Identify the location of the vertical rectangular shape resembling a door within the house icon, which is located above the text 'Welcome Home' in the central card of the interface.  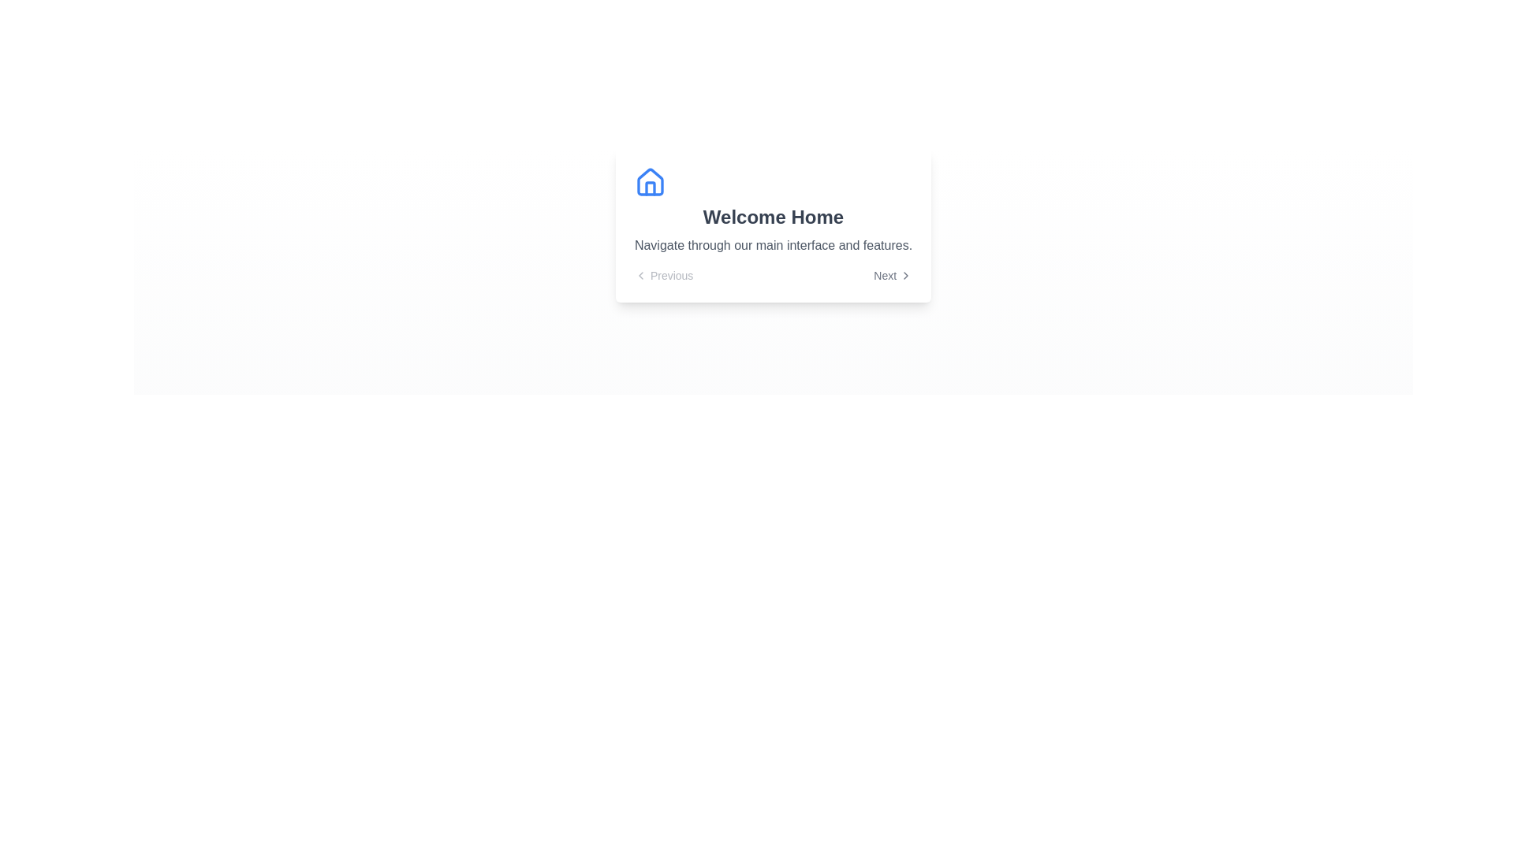
(650, 188).